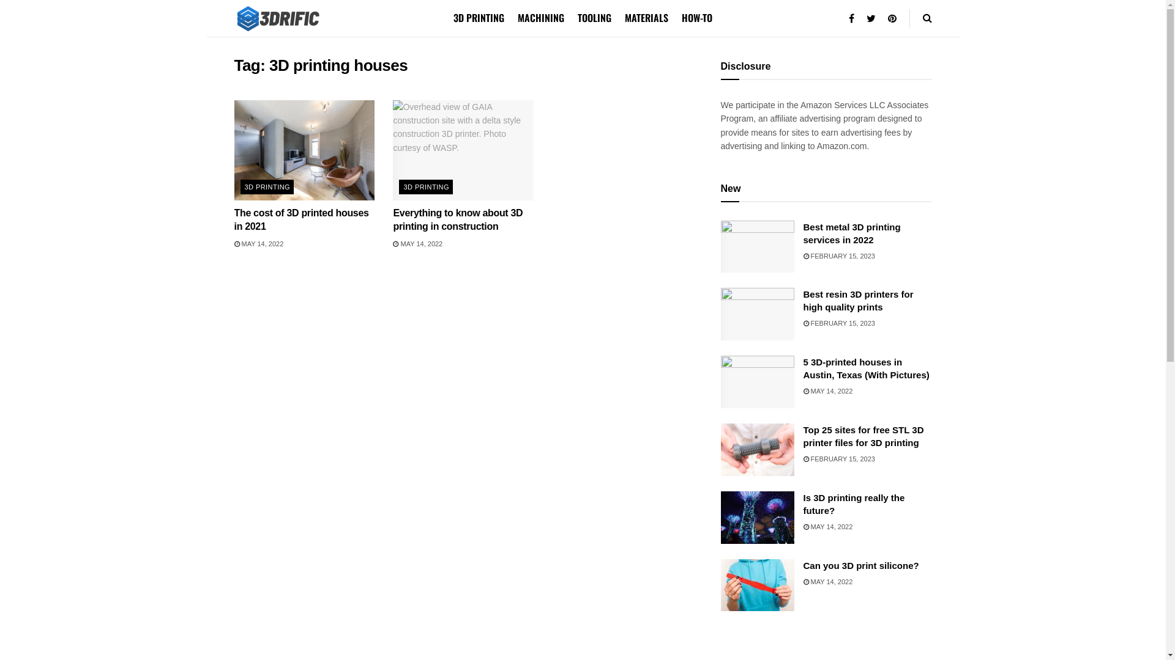  I want to click on 'MAY 14, 2022', so click(827, 581).